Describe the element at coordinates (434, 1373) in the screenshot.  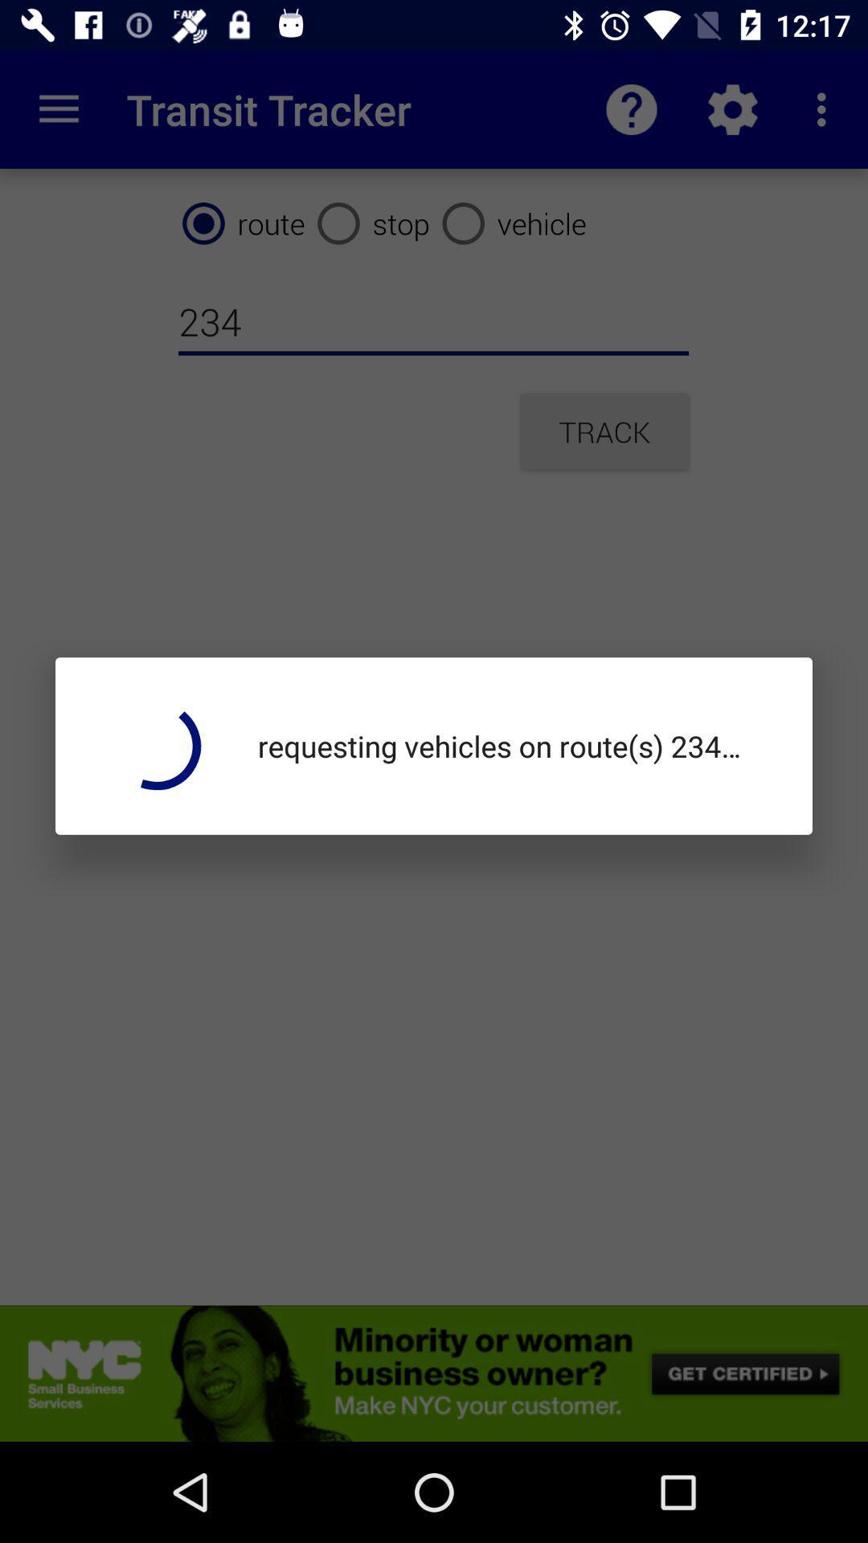
I see `advertisement link` at that location.